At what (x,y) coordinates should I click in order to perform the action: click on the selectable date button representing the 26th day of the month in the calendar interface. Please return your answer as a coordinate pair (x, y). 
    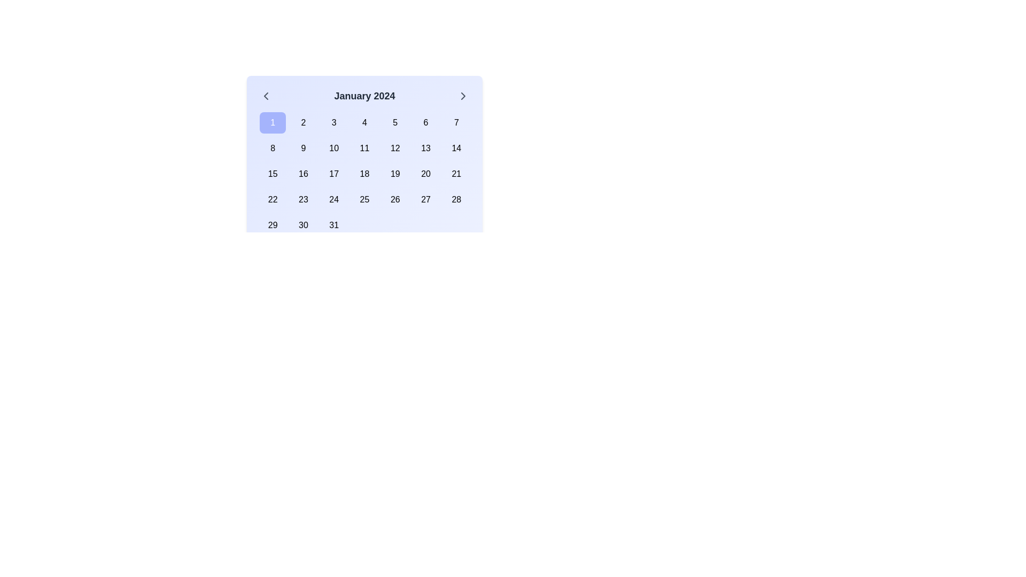
    Looking at the image, I should click on (394, 200).